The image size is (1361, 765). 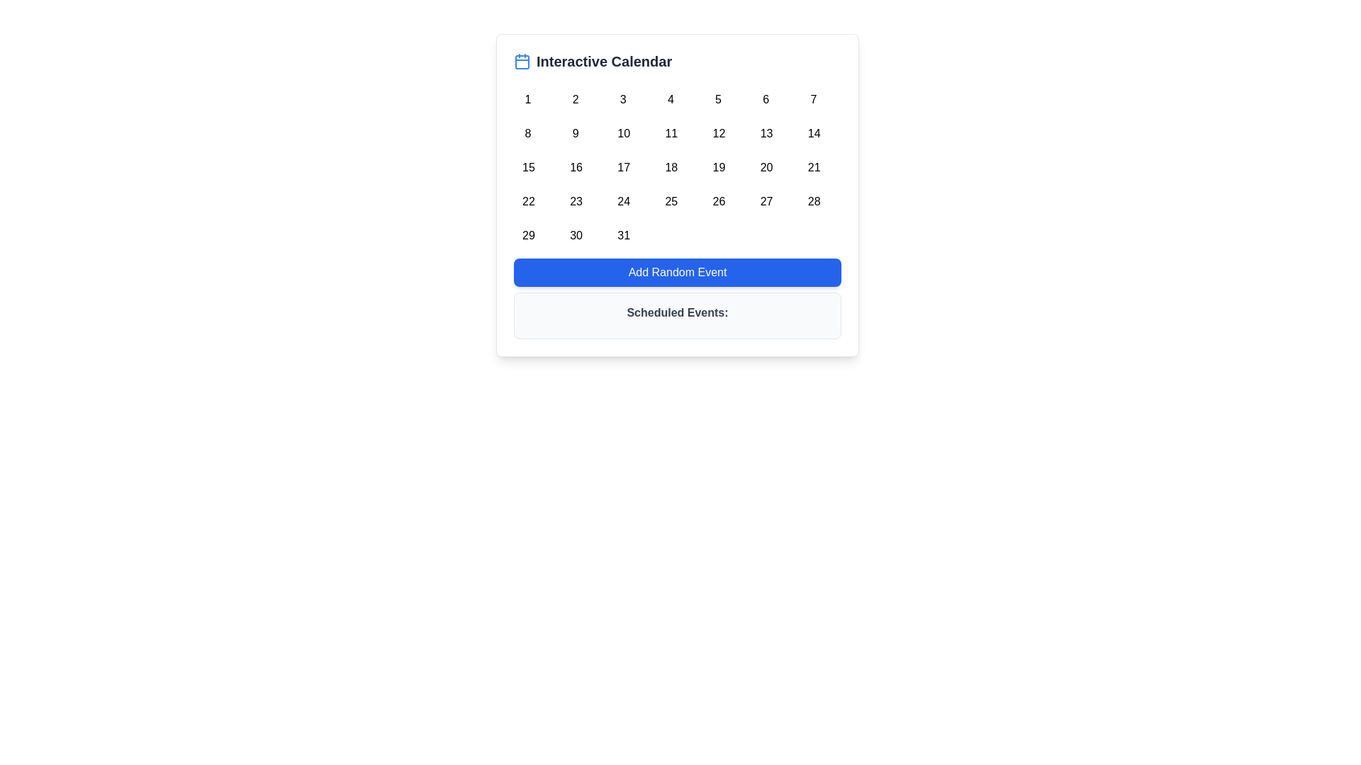 I want to click on the square button labeled '18' in the calendar interface, so click(x=670, y=164).